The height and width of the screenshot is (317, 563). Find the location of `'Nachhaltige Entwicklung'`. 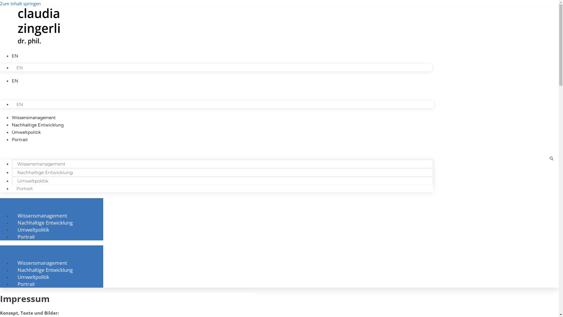

'Nachhaltige Entwicklung' is located at coordinates (45, 269).